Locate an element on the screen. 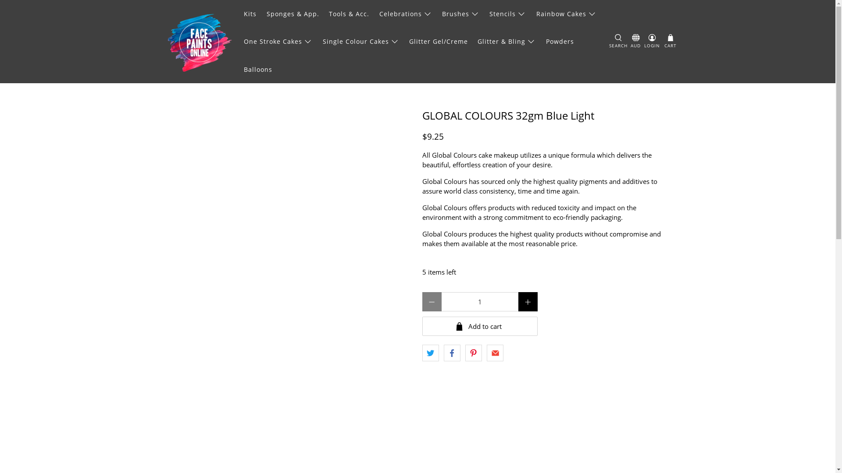 This screenshot has height=473, width=842. 'Share this on Twitter' is located at coordinates (430, 353).